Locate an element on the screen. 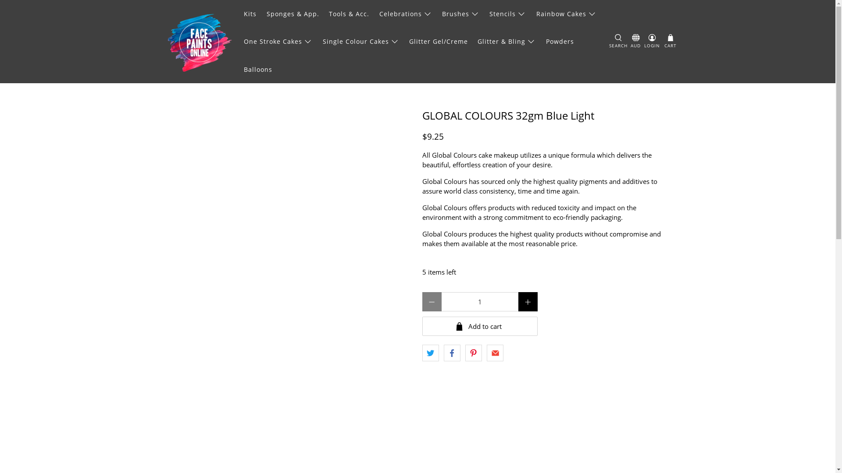 This screenshot has height=473, width=842. 'Share this on Twitter' is located at coordinates (430, 353).